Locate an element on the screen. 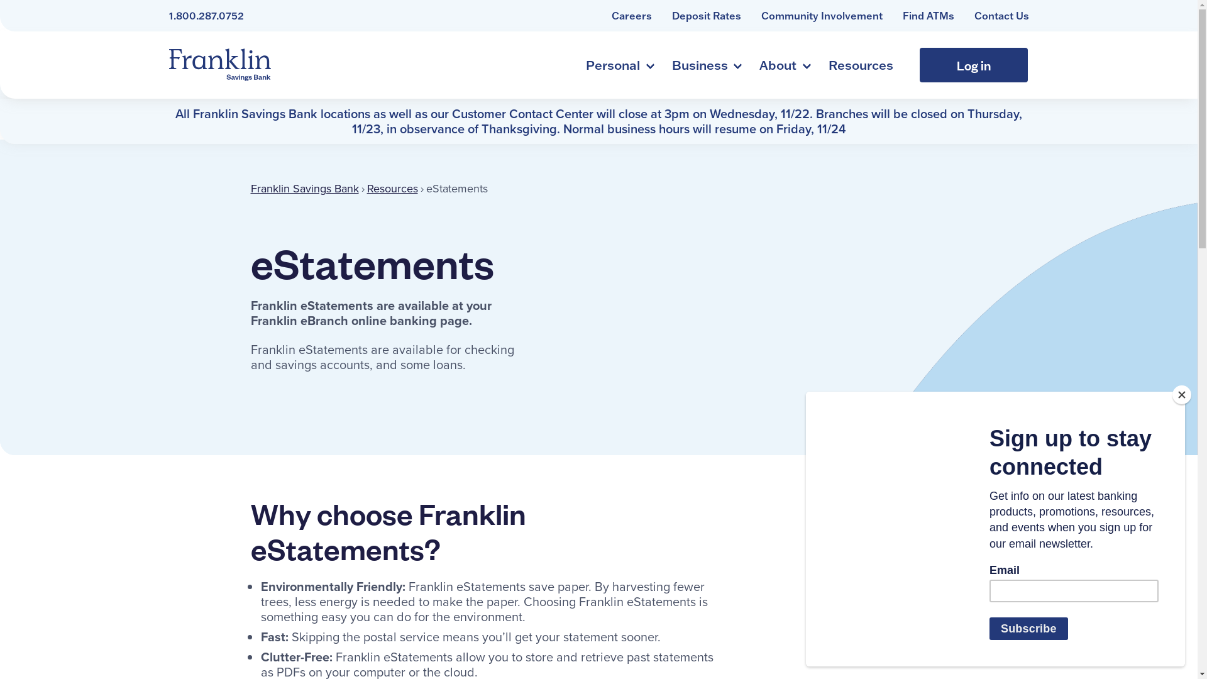  'Community Involvement' is located at coordinates (821, 15).